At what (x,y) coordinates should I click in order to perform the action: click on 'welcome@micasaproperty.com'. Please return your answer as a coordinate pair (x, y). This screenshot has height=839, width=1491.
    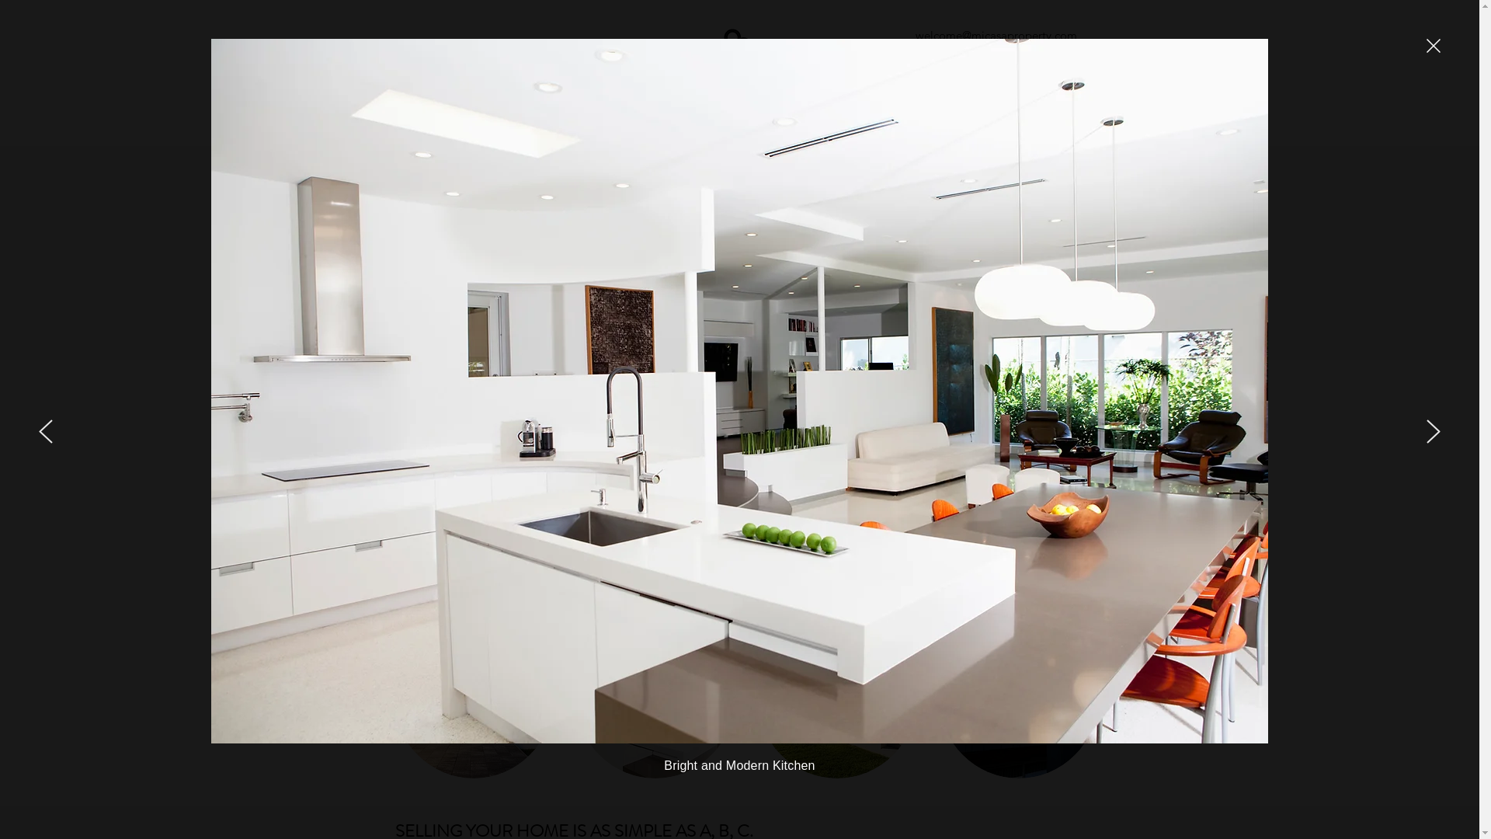
    Looking at the image, I should click on (996, 35).